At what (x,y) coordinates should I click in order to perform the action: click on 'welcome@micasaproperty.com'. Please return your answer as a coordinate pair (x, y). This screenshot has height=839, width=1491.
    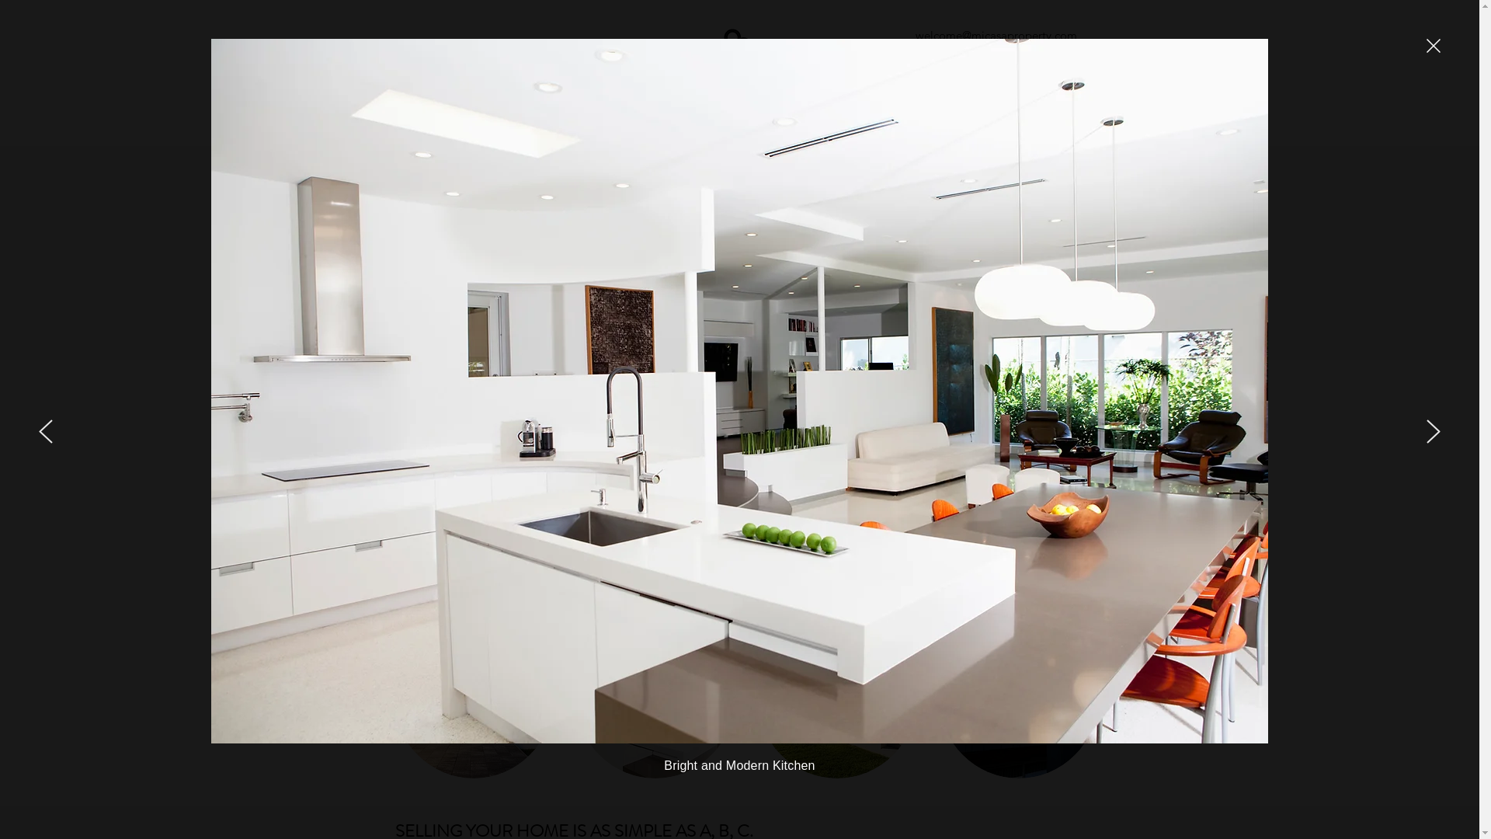
    Looking at the image, I should click on (996, 35).